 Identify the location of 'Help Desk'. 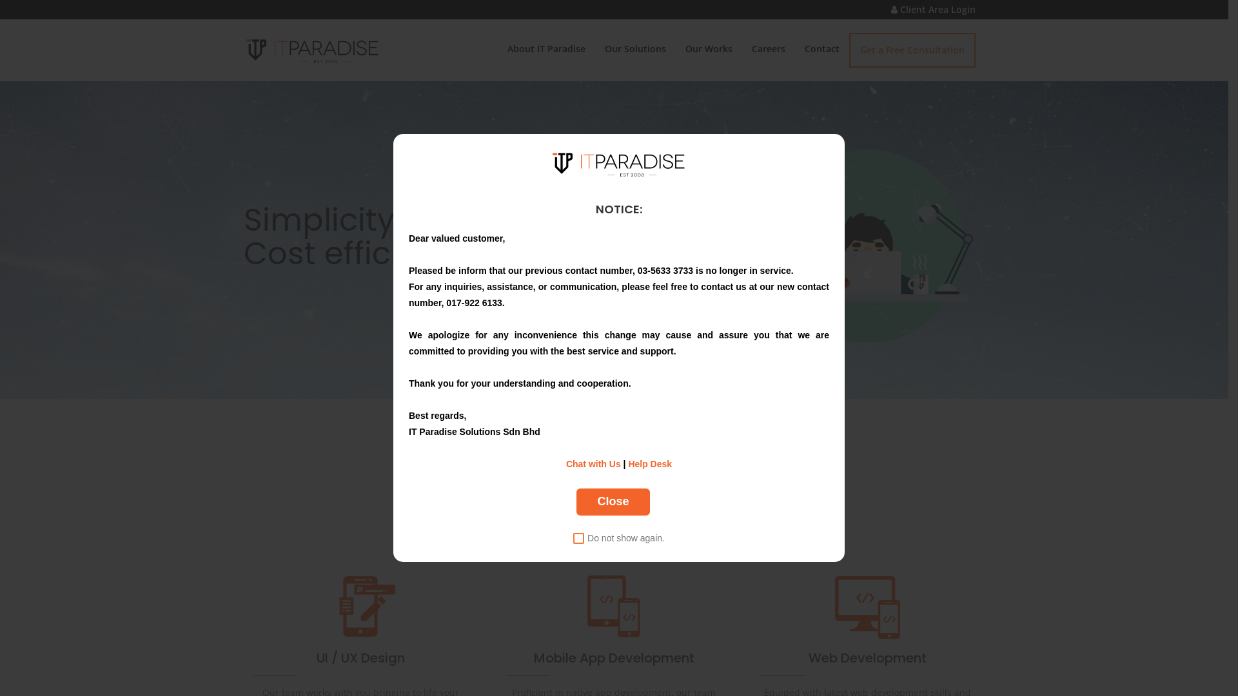
(650, 464).